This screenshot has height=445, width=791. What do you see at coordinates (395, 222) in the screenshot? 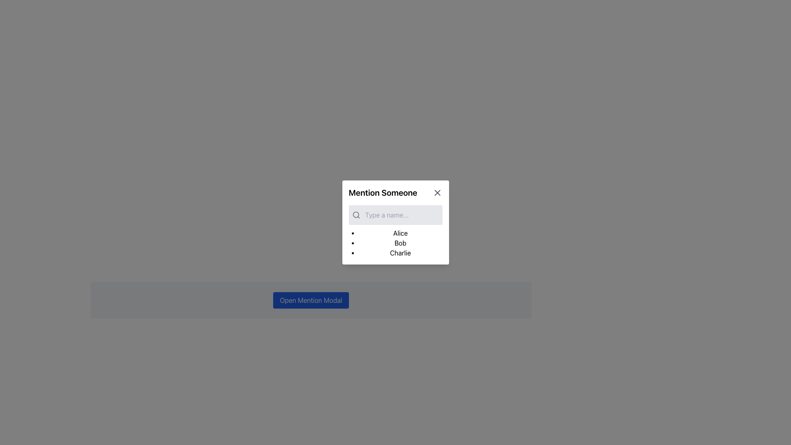
I see `the name 'Alice' from the list in the 'Mention Someone' modal dialog box` at bounding box center [395, 222].